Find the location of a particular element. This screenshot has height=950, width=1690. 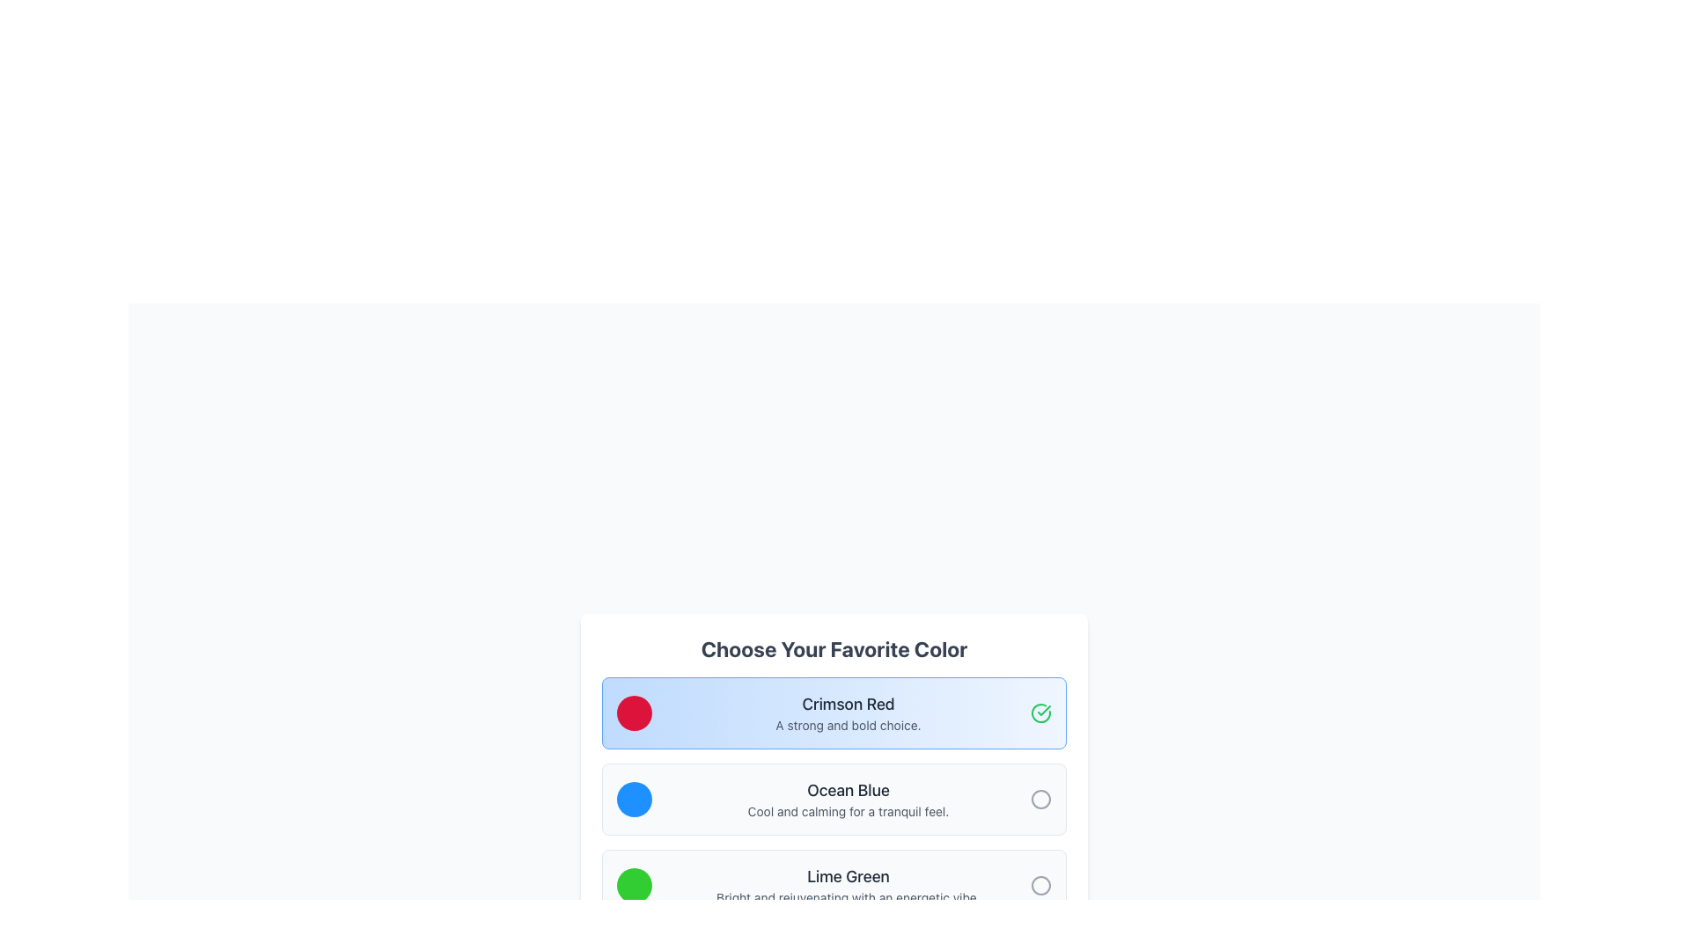

the checkmark icon within the SVG that indicates selection or success for the 'Crimson Red' color option, located at the top-right corner of its selection card is located at coordinates (1044, 709).